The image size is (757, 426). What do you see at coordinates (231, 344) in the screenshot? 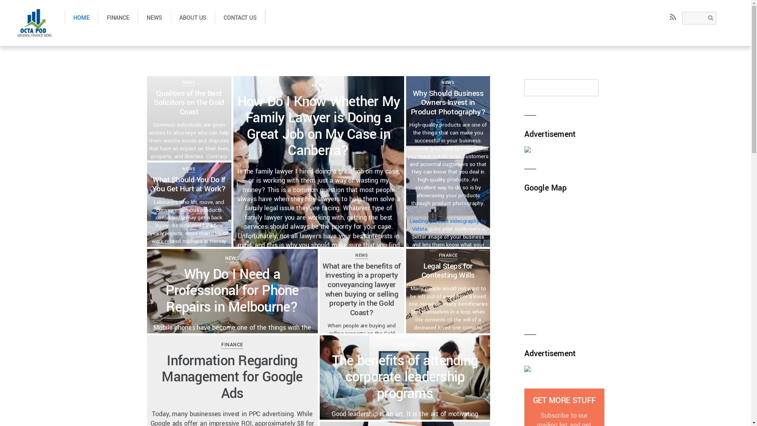
I see `'FINANCE'` at bounding box center [231, 344].